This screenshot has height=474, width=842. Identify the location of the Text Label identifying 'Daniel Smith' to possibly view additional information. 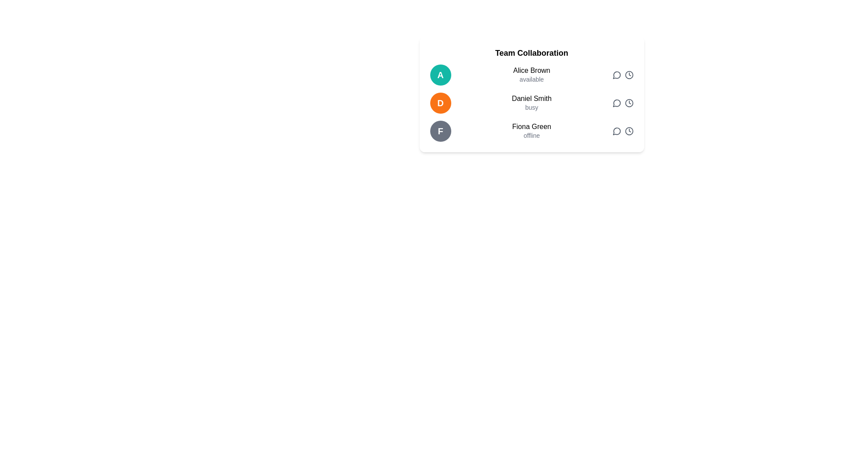
(531, 98).